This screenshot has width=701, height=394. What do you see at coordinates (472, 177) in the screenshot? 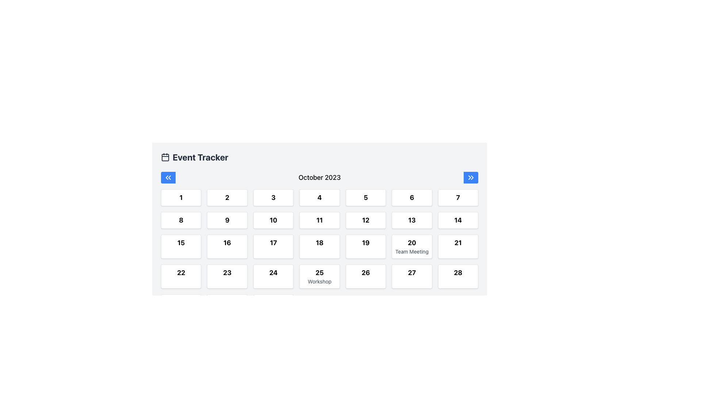
I see `the arrow icon located in the top-right corner of the calendar's header section to trigger a tooltip` at bounding box center [472, 177].